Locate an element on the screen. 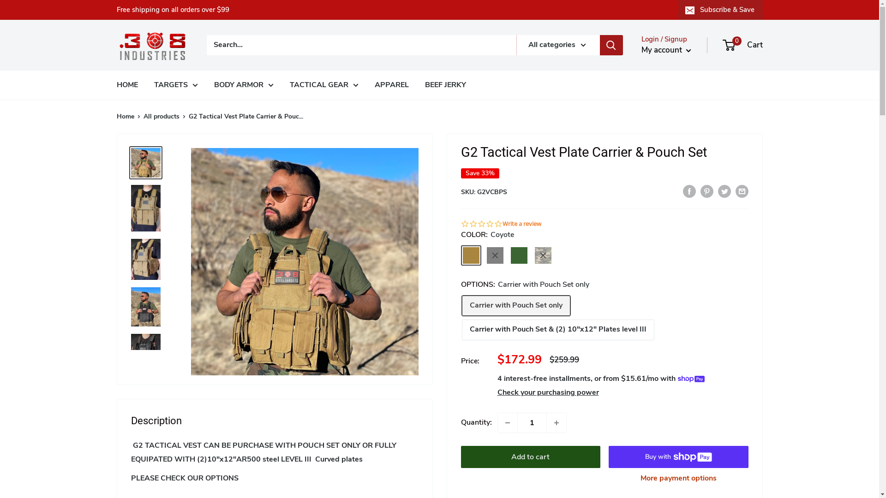  'My account' is located at coordinates (666, 50).